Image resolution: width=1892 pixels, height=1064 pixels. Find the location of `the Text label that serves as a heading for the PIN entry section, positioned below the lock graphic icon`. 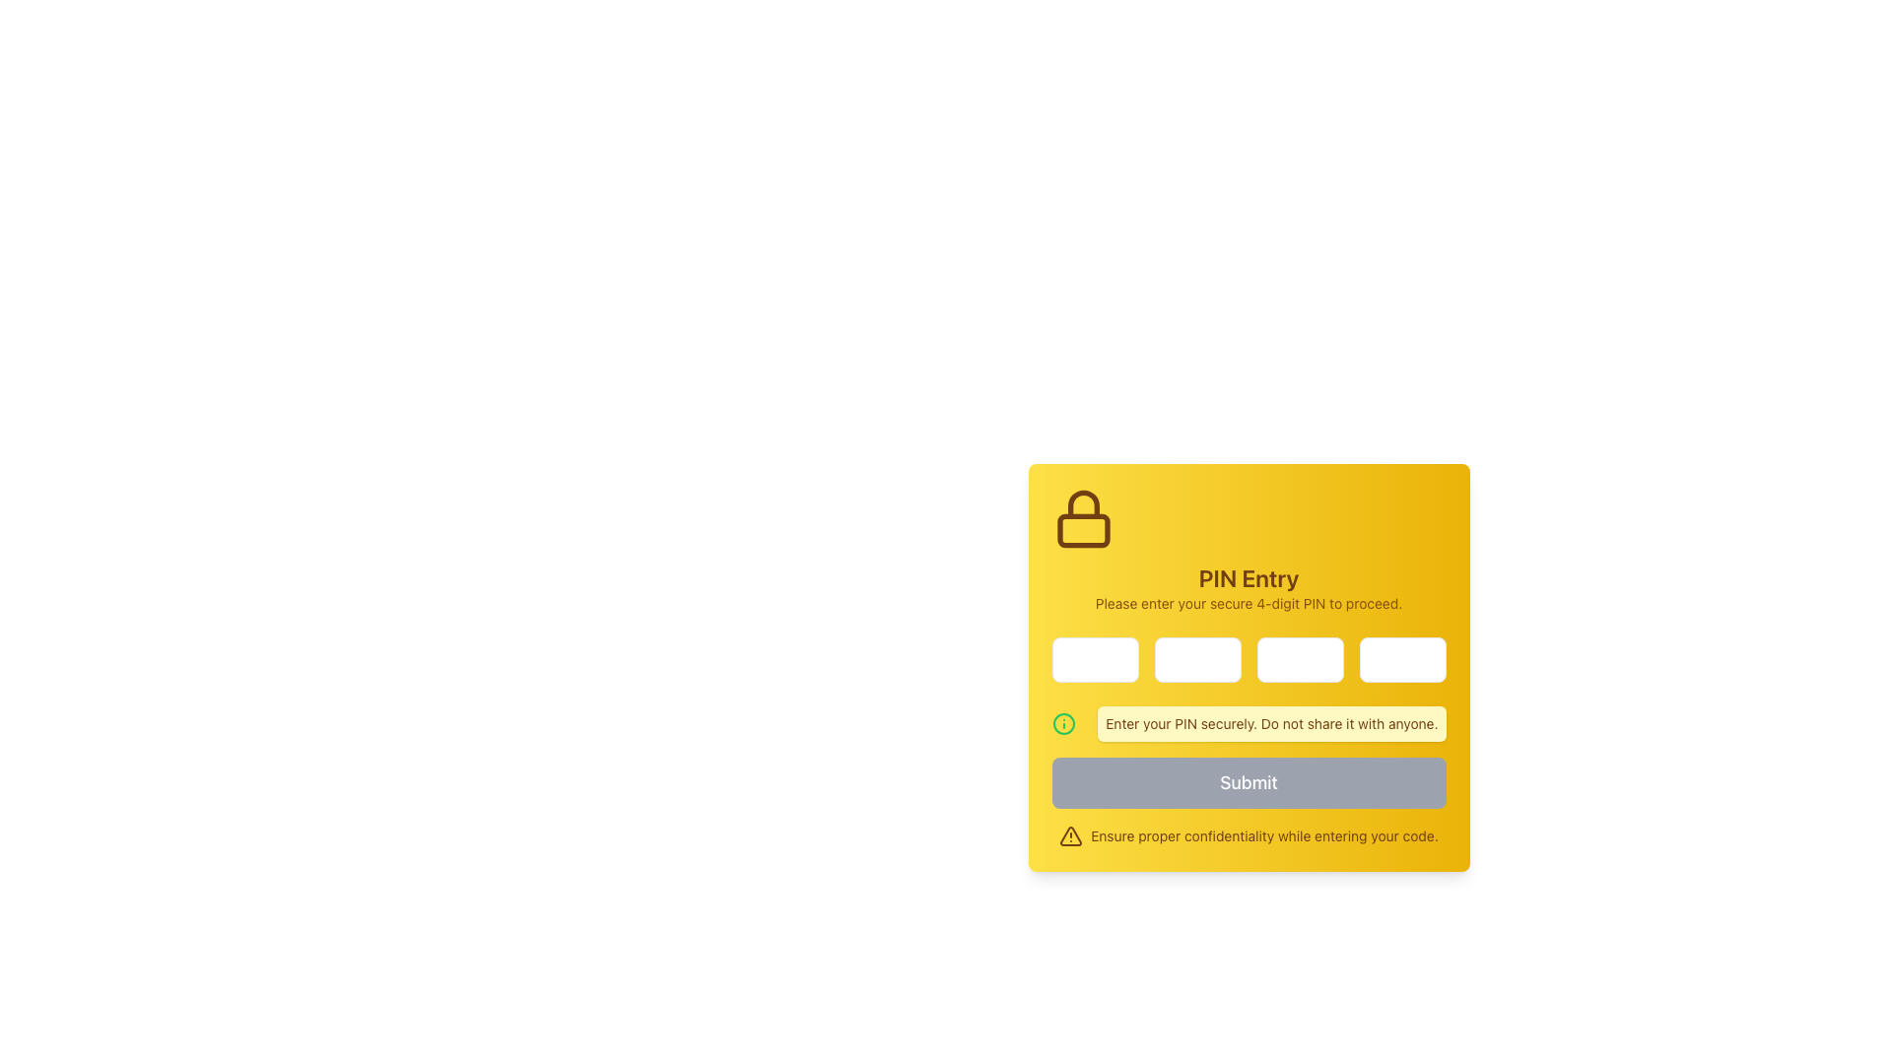

the Text label that serves as a heading for the PIN entry section, positioned below the lock graphic icon is located at coordinates (1248, 576).